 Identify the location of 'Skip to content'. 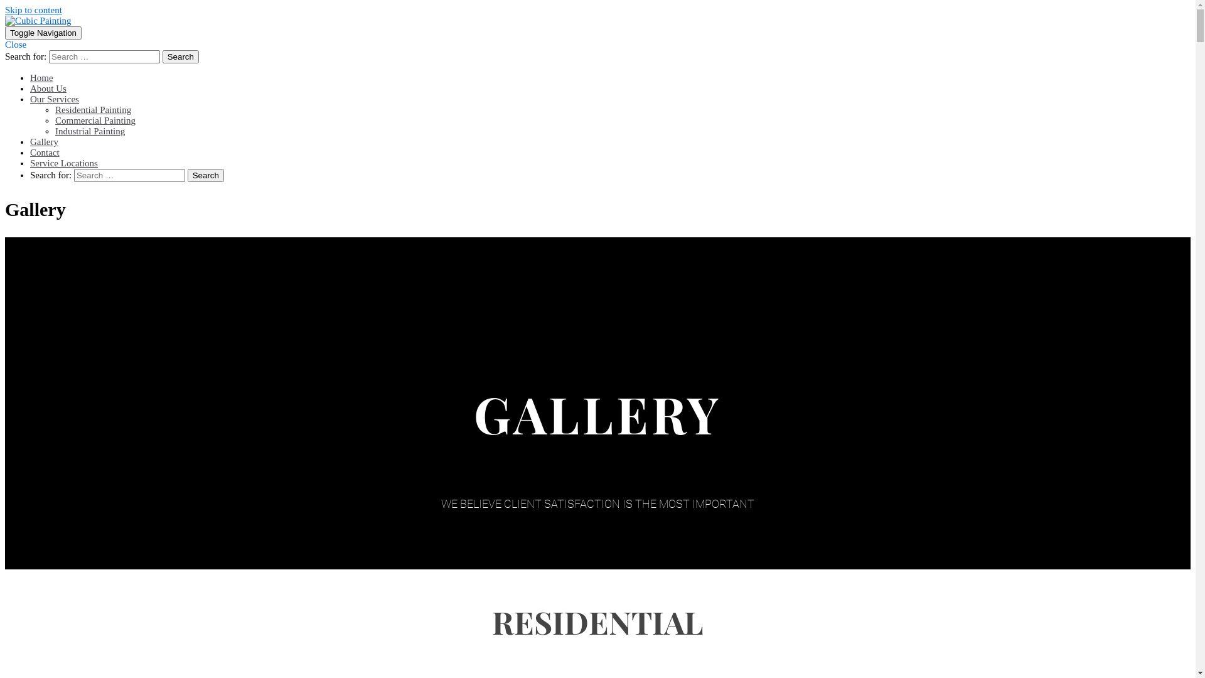
(5, 9).